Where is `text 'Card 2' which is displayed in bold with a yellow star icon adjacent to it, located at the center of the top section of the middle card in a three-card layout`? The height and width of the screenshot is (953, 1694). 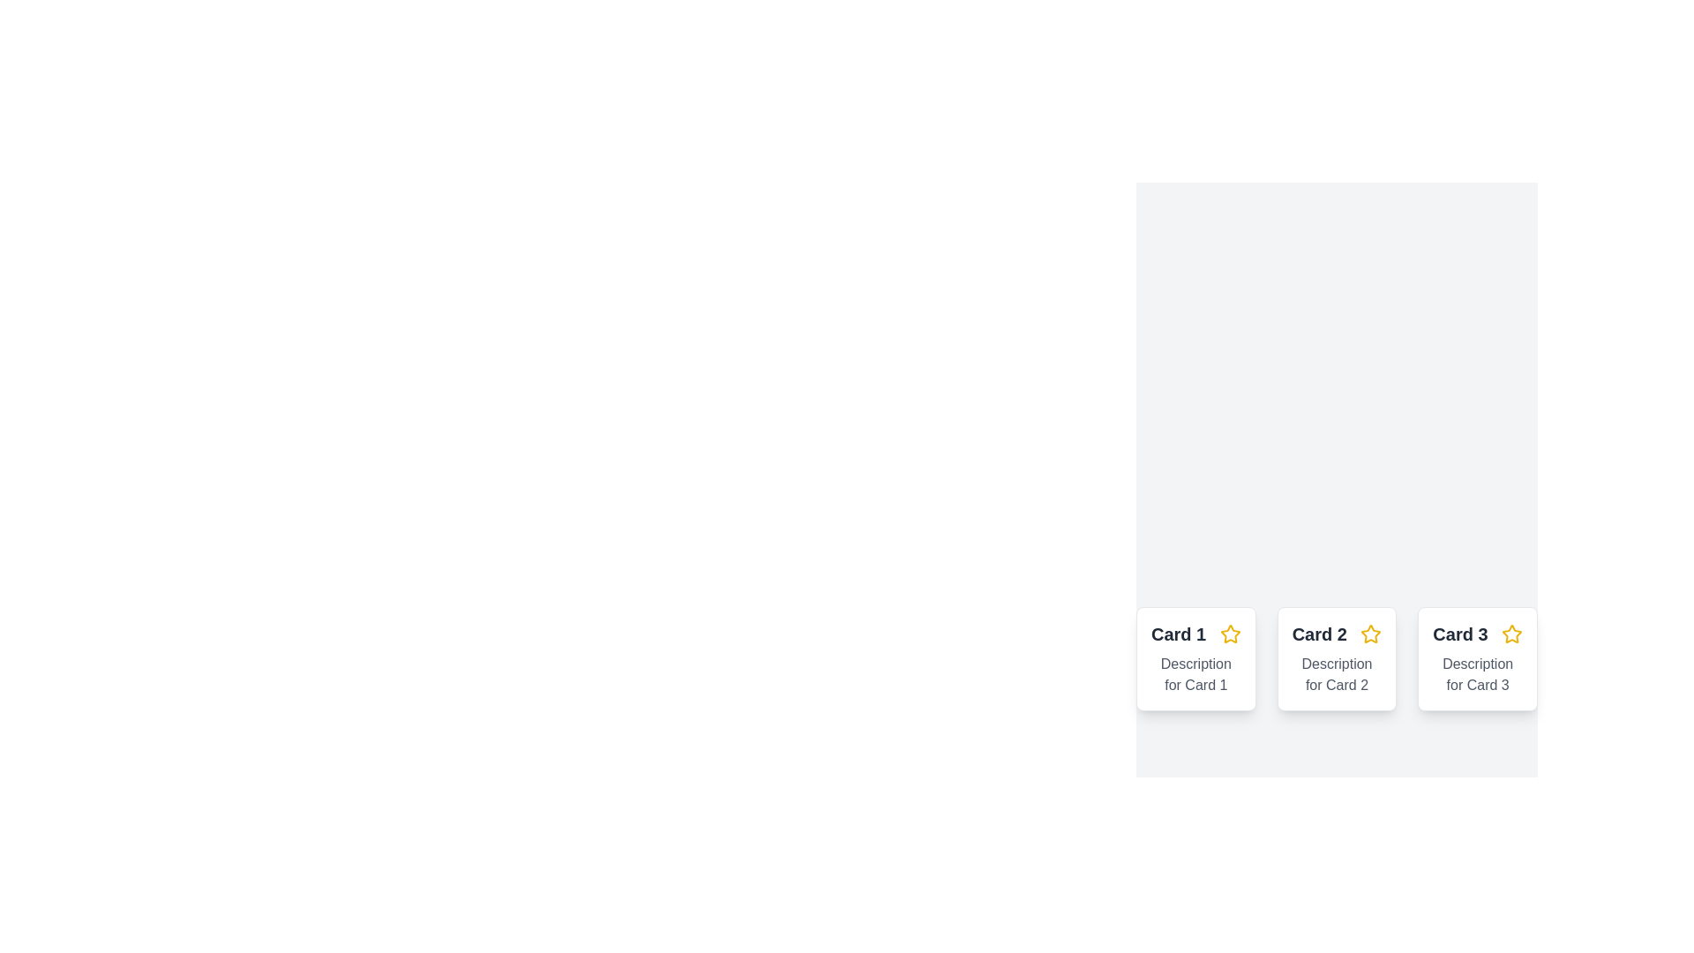
text 'Card 2' which is displayed in bold with a yellow star icon adjacent to it, located at the center of the top section of the middle card in a three-card layout is located at coordinates (1337, 633).